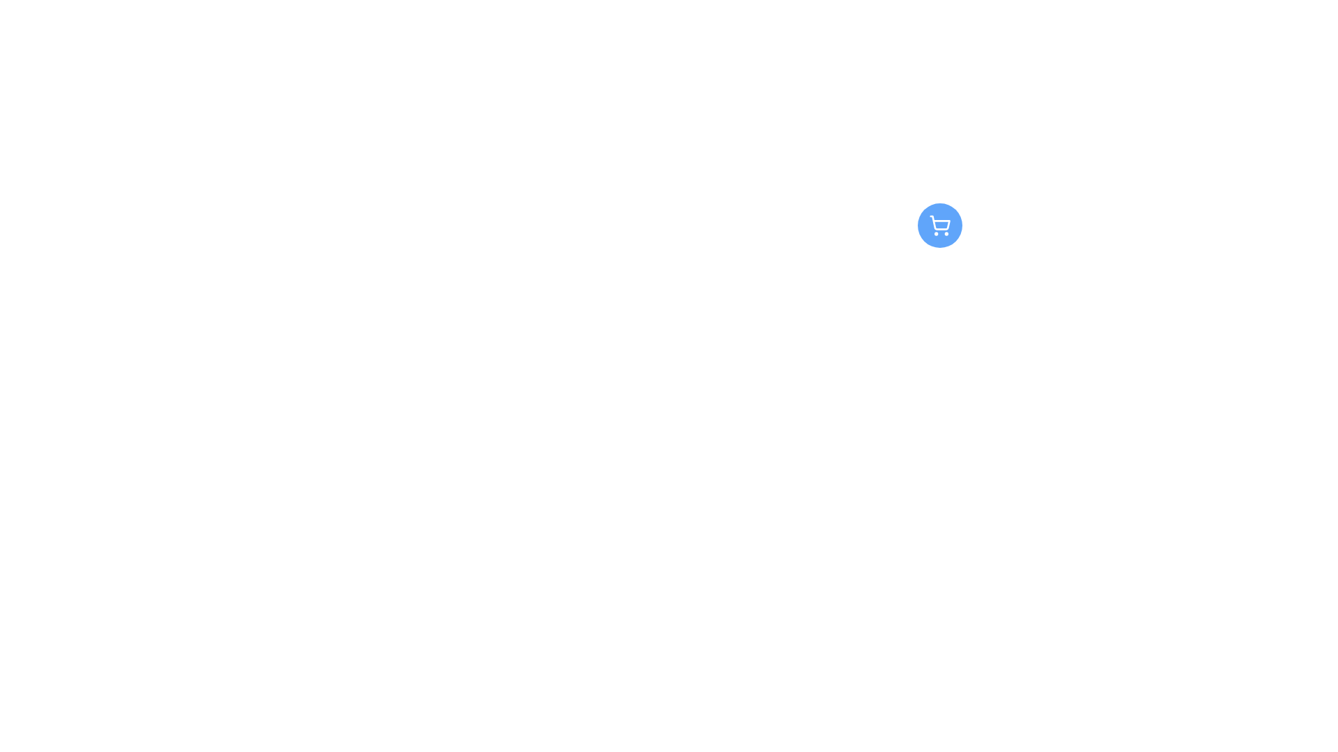 Image resolution: width=1338 pixels, height=752 pixels. What do you see at coordinates (939, 225) in the screenshot?
I see `the shopping cart icon located within a blue circular button in the top-right portion of the layout` at bounding box center [939, 225].